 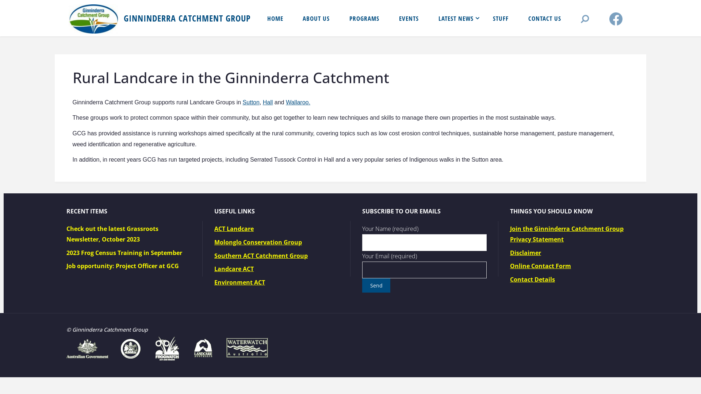 What do you see at coordinates (537, 239) in the screenshot?
I see `'Privacy Statement'` at bounding box center [537, 239].